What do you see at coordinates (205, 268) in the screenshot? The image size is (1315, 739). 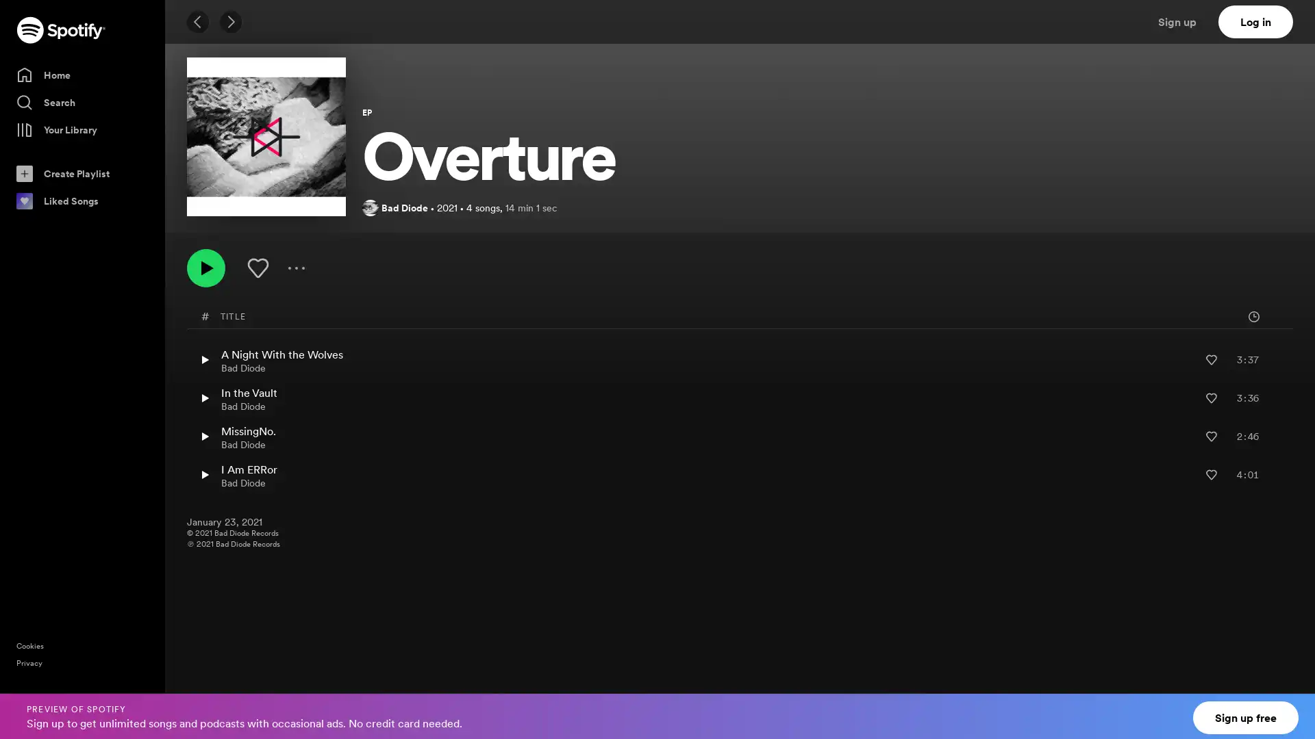 I see `Play` at bounding box center [205, 268].